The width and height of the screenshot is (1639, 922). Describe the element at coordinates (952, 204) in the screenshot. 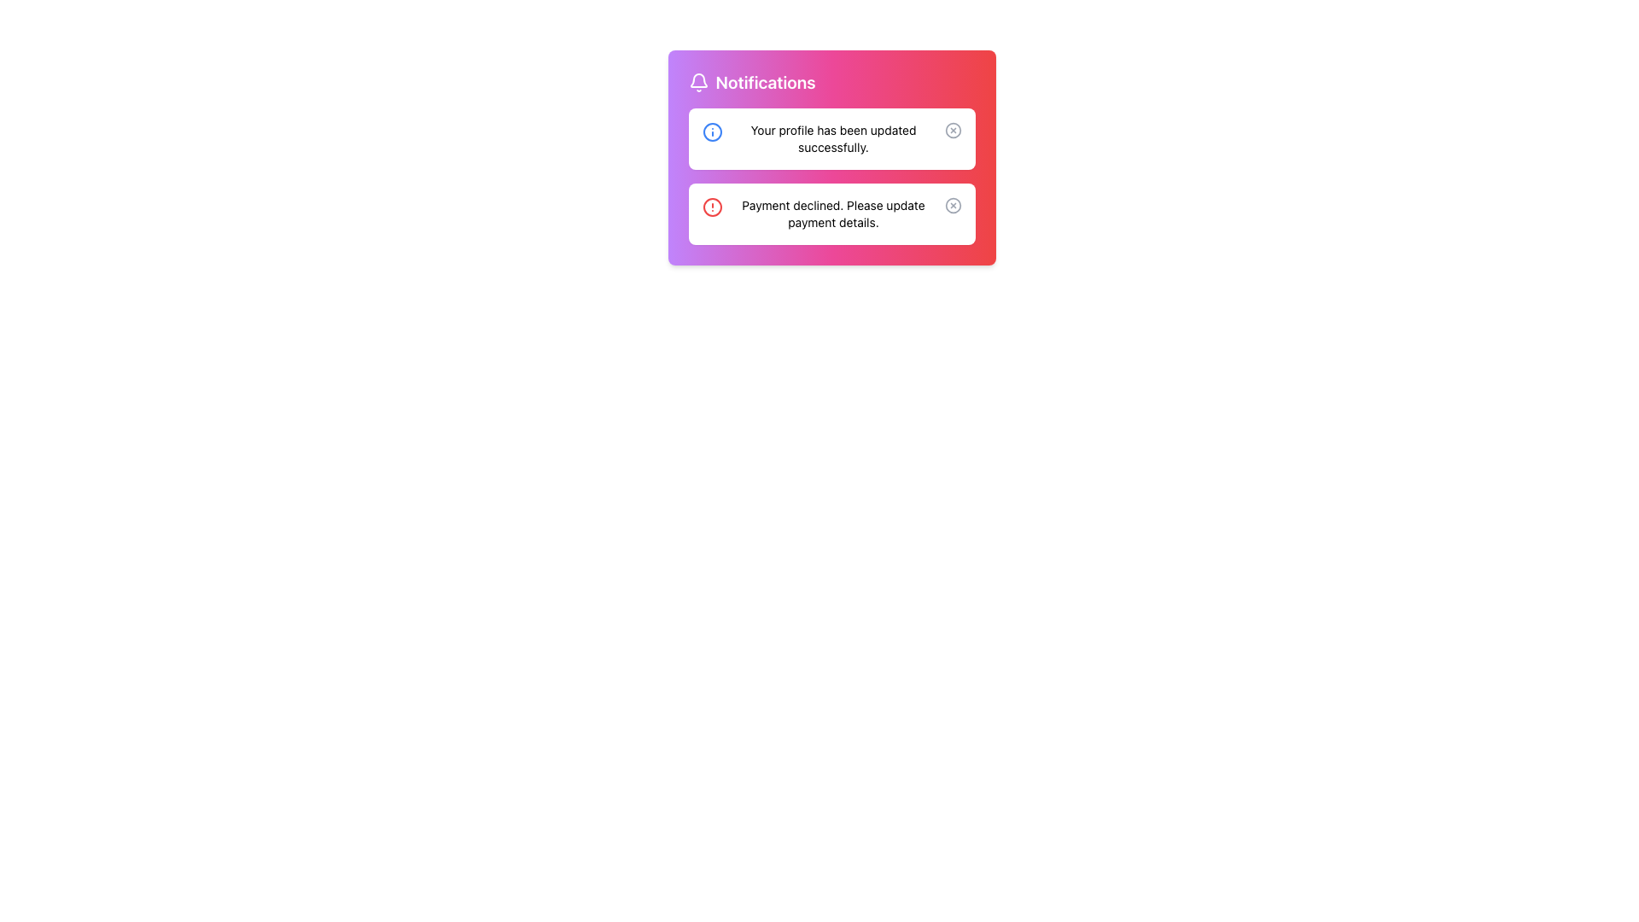

I see `the circle icon` at that location.